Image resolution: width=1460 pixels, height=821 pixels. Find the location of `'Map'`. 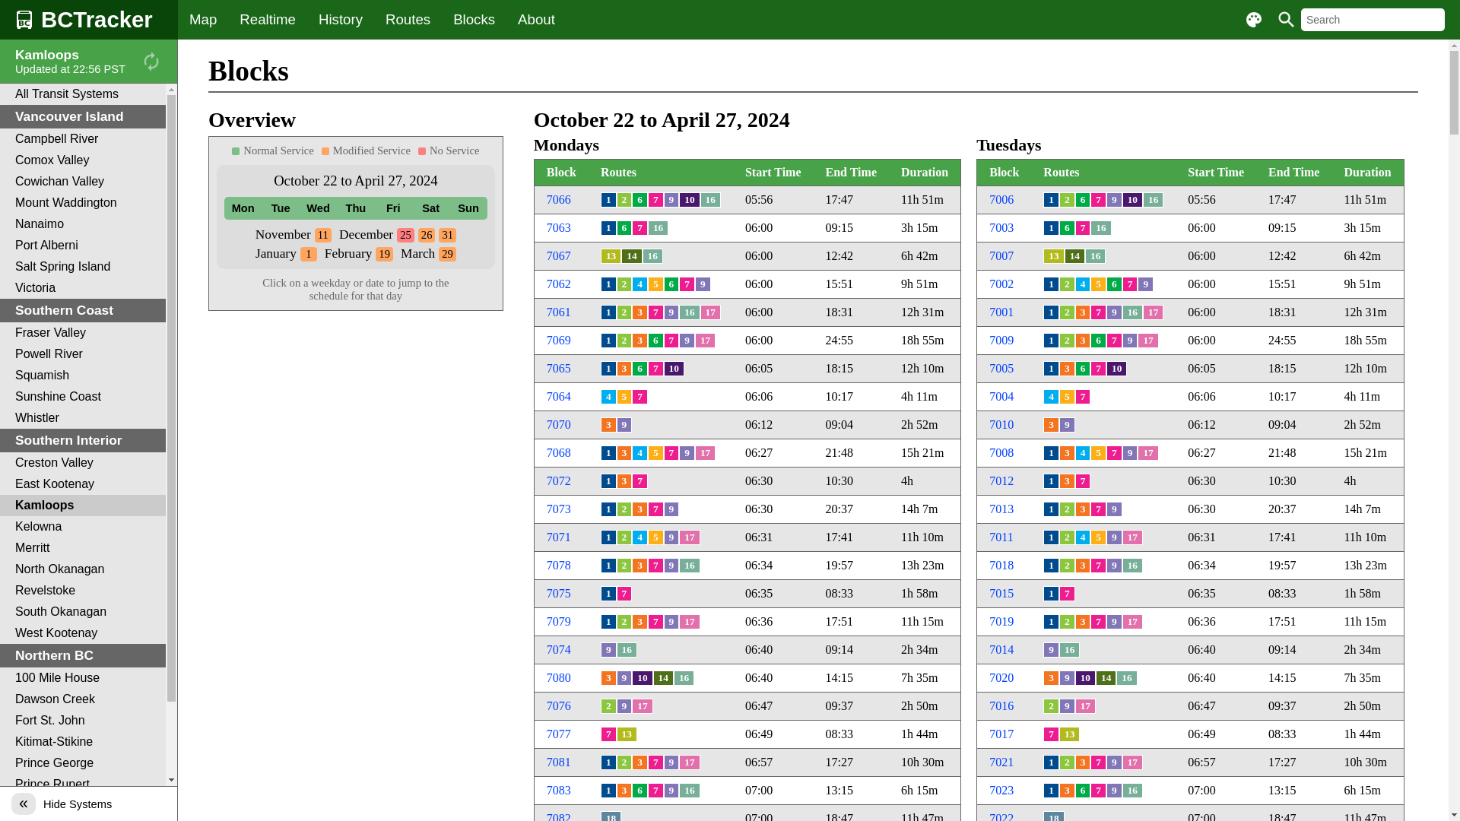

'Map' is located at coordinates (202, 20).